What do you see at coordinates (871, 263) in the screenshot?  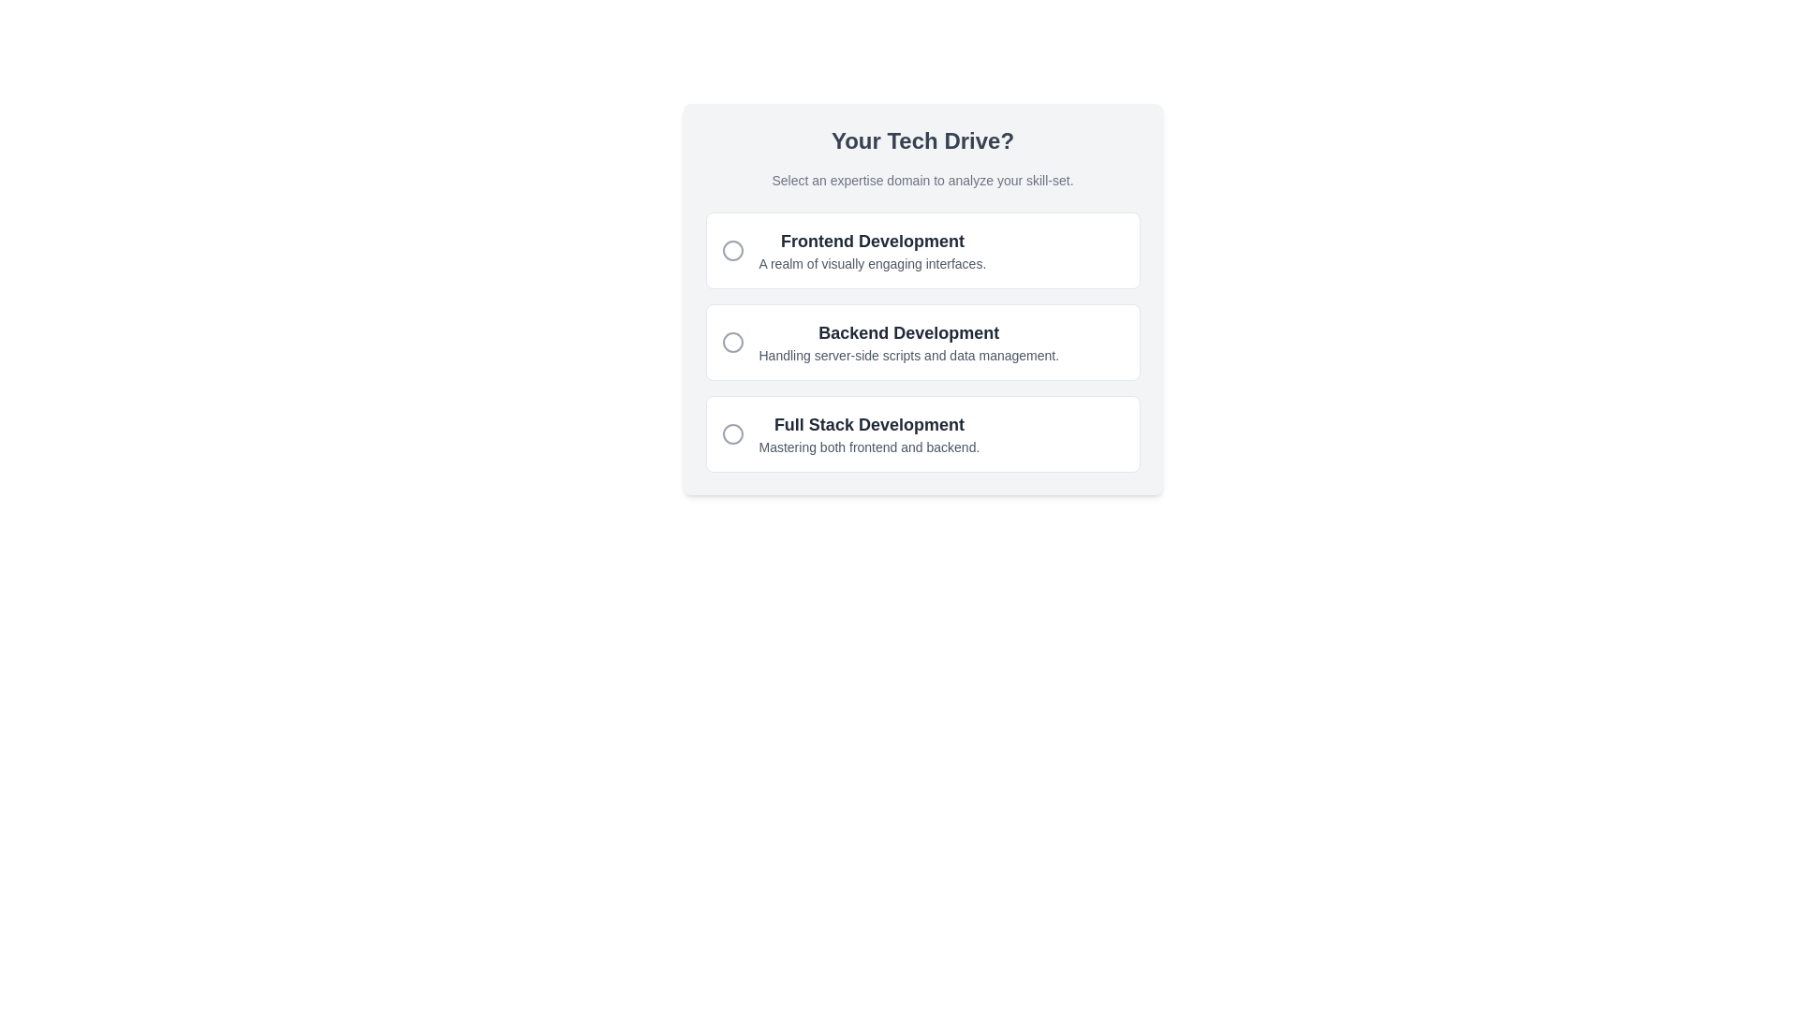 I see `the text label displaying 'A realm of visually engaging interfaces.' located beneath 'Frontend Development' in the top-left quadrant of the central card layout` at bounding box center [871, 263].